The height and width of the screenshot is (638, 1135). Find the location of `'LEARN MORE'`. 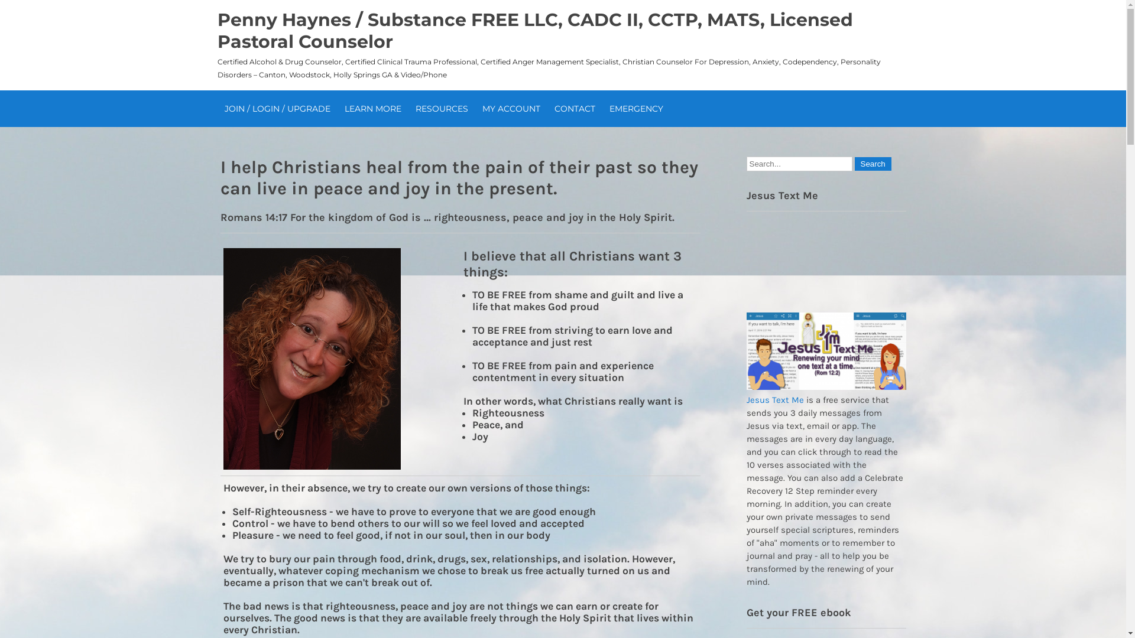

'LEARN MORE' is located at coordinates (371, 109).